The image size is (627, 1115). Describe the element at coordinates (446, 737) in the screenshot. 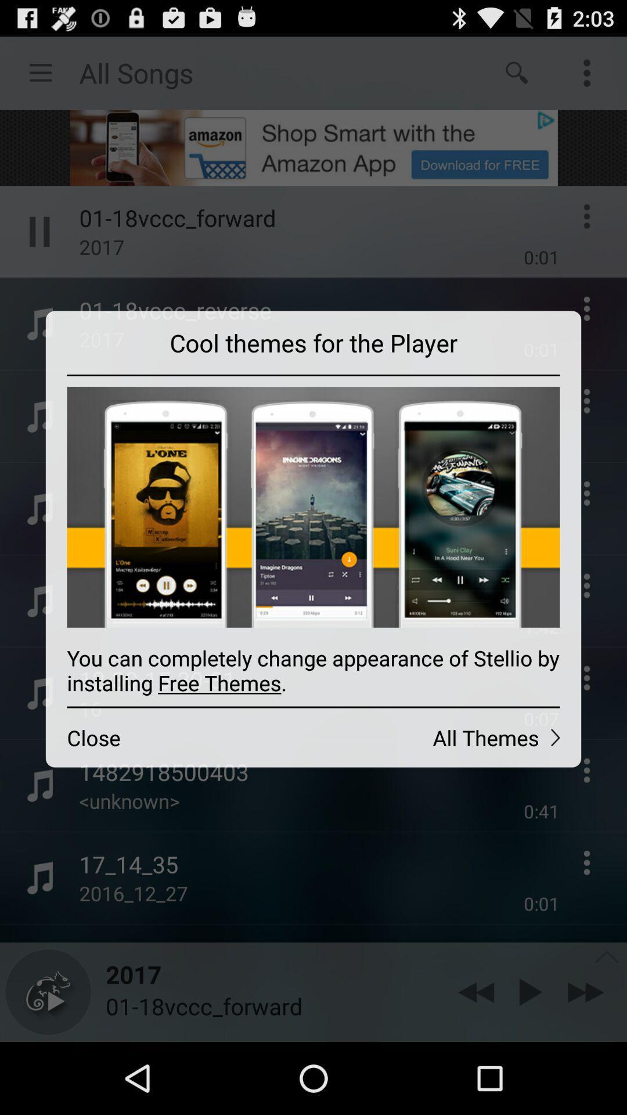

I see `all themes icon` at that location.